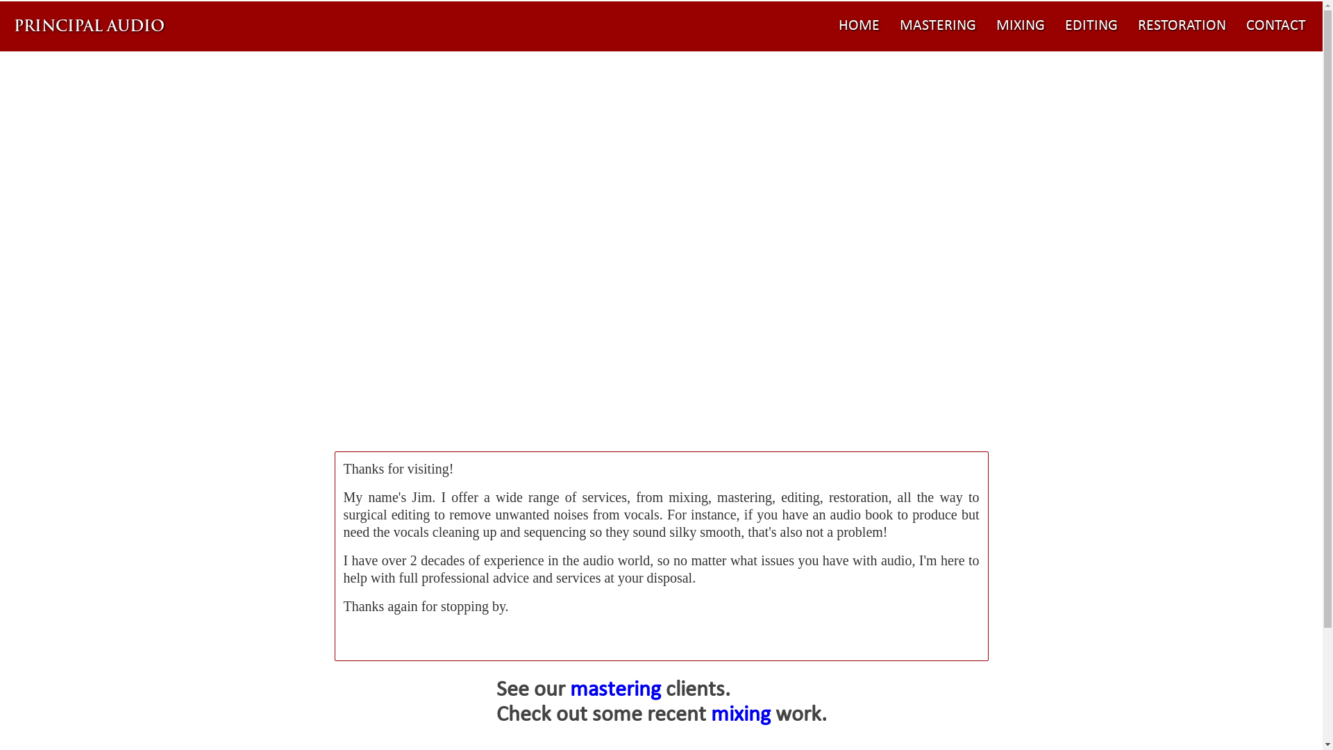 This screenshot has width=1333, height=750. What do you see at coordinates (1237, 26) in the screenshot?
I see `'CONTACT'` at bounding box center [1237, 26].